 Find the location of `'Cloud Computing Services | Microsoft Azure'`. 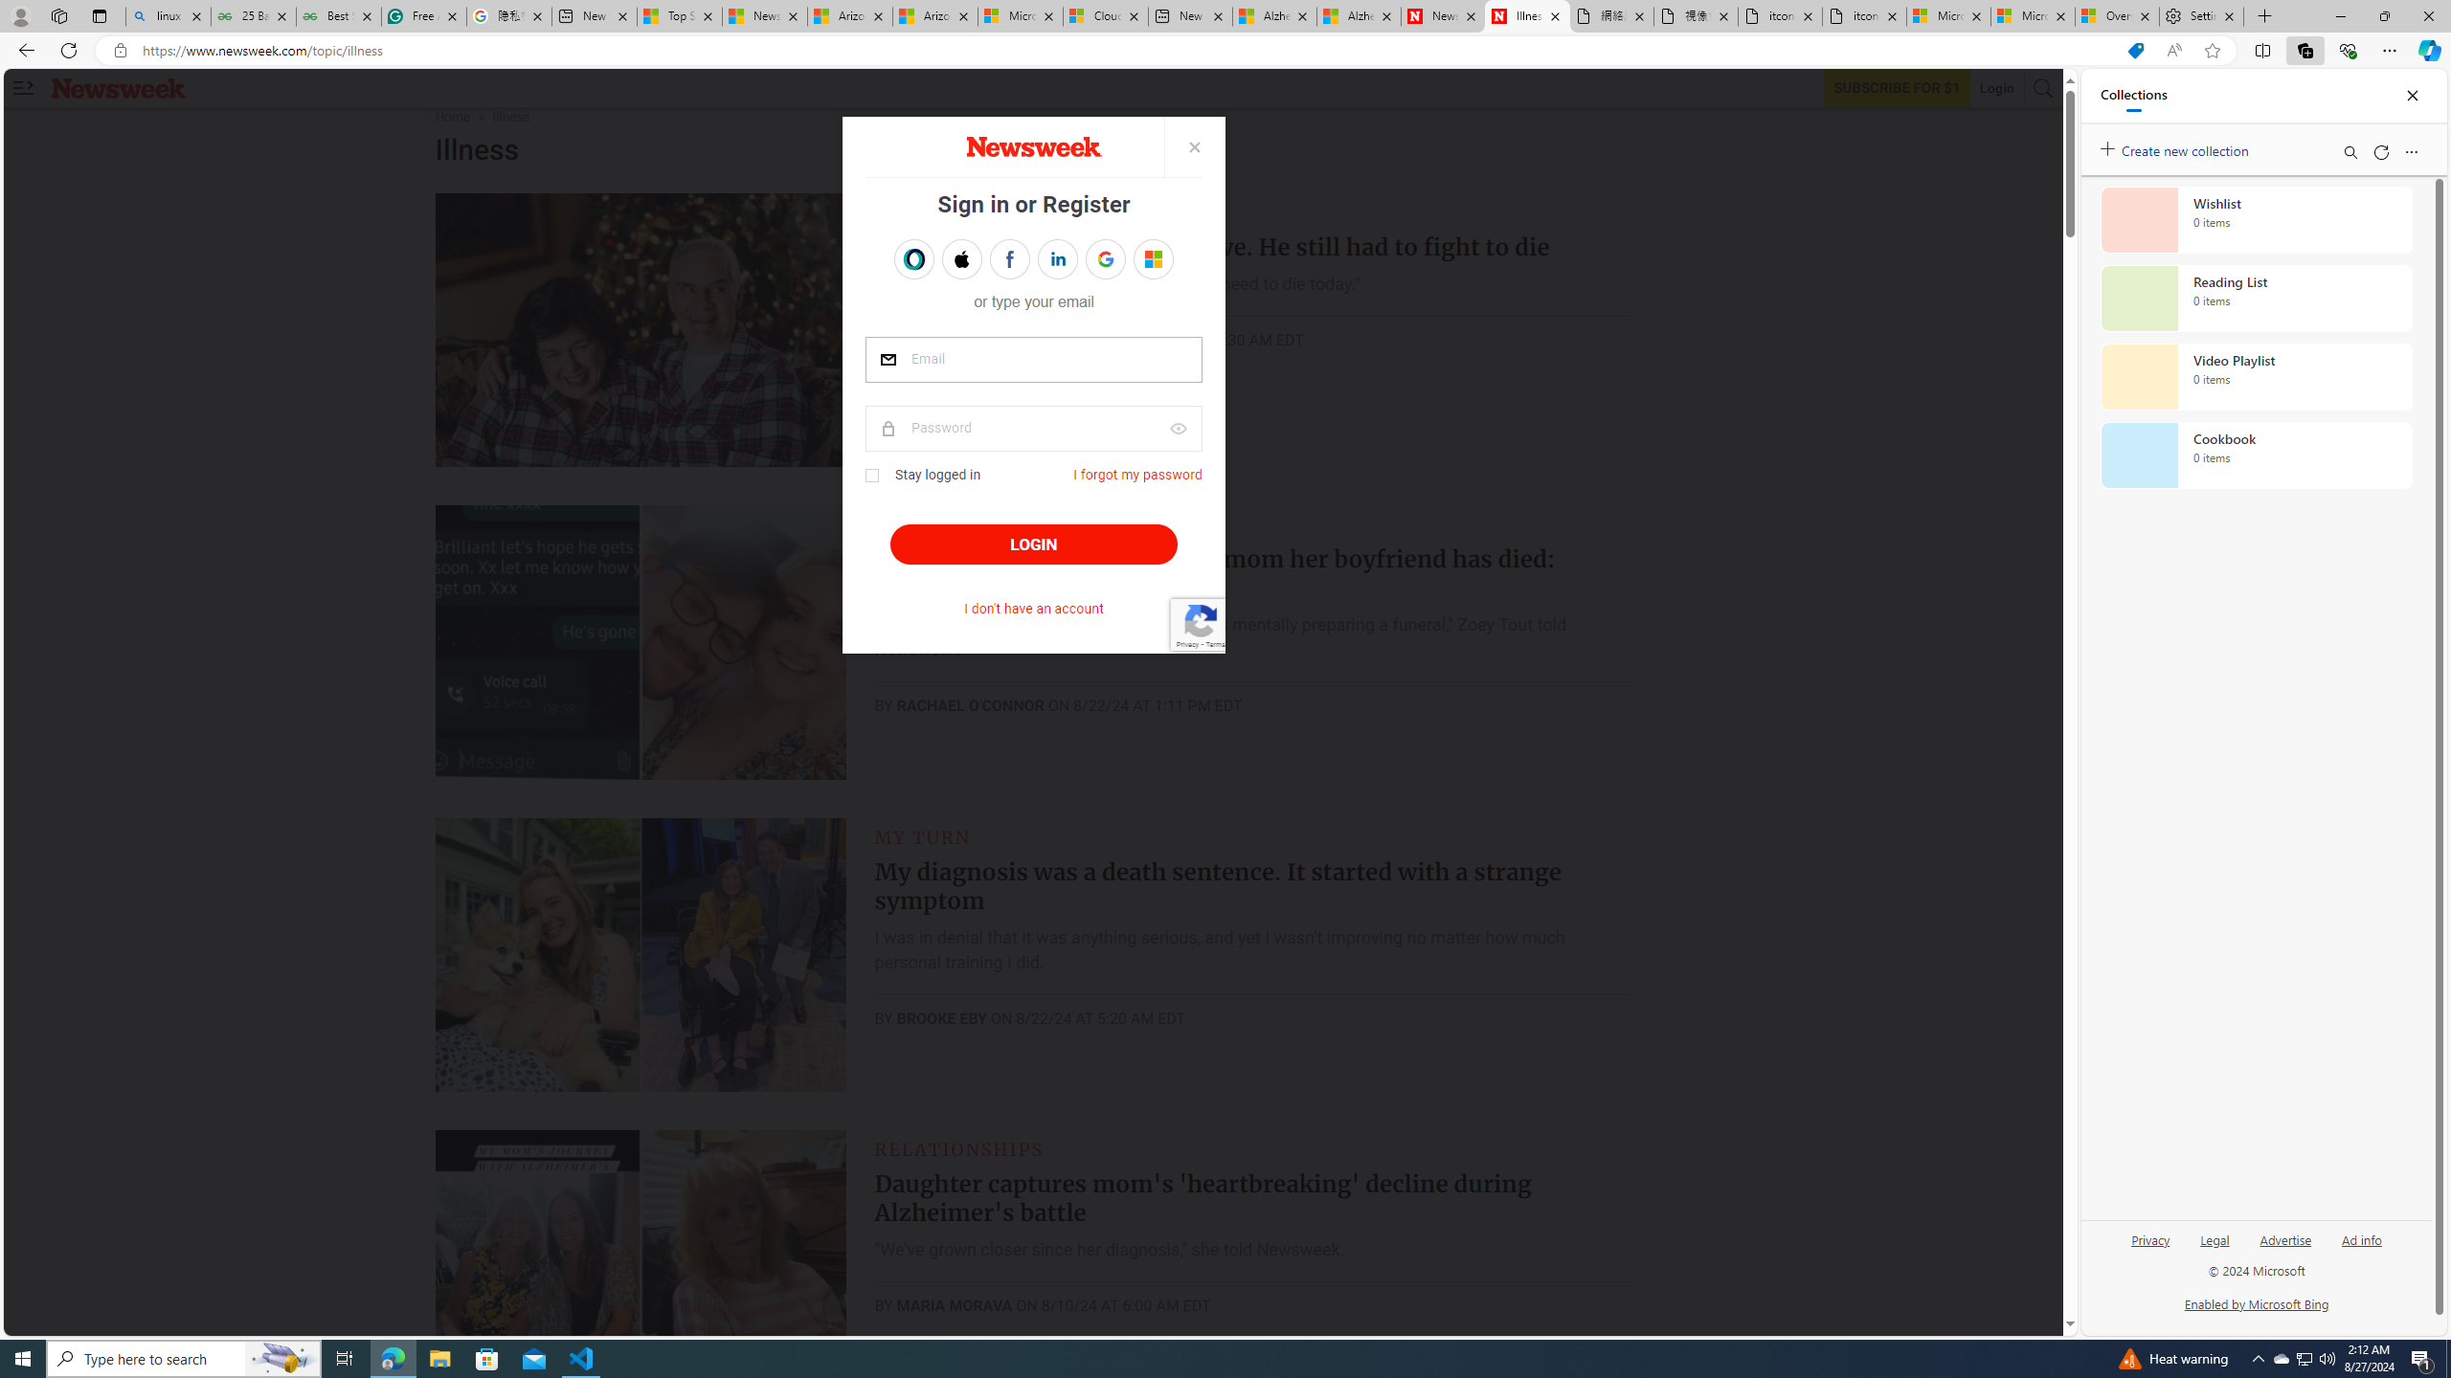

'Cloud Computing Services | Microsoft Azure' is located at coordinates (1104, 15).